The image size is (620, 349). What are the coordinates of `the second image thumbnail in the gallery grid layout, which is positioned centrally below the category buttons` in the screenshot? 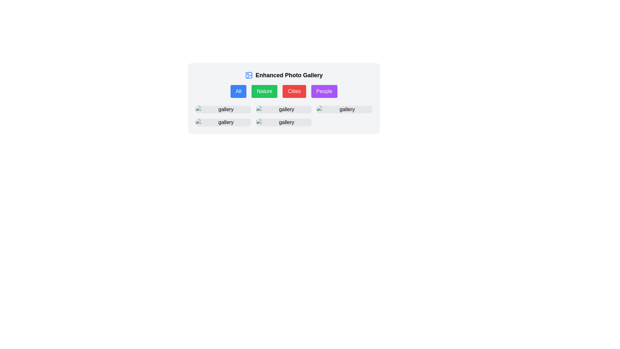 It's located at (284, 115).